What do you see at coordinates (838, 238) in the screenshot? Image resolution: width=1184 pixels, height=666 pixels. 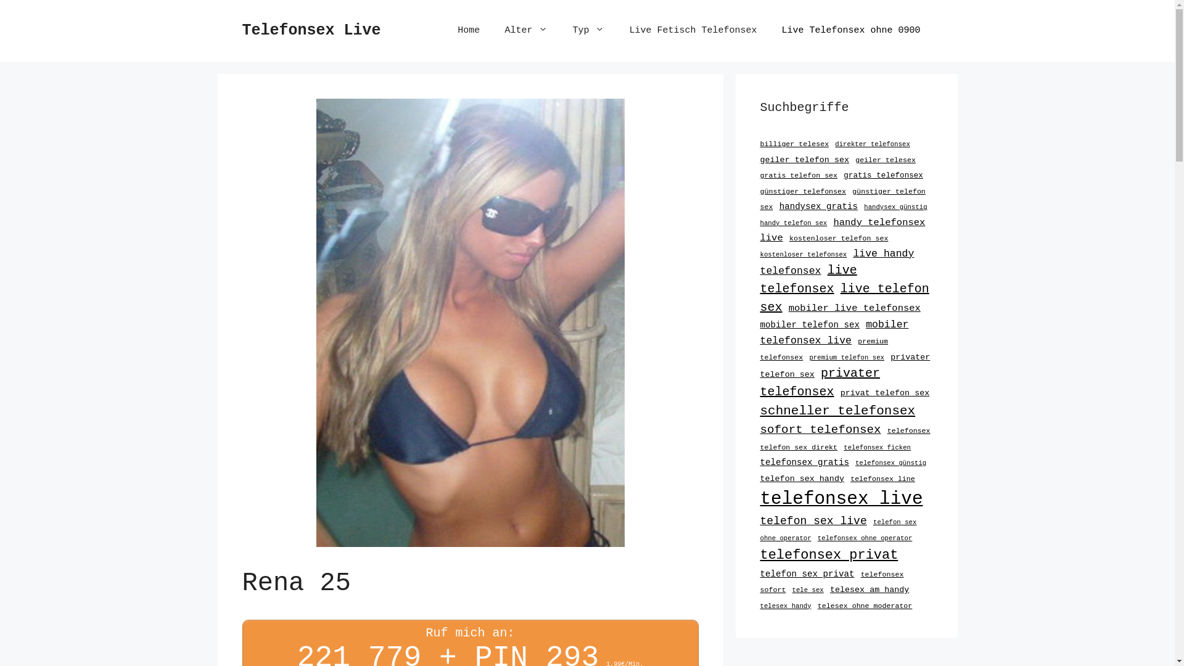 I see `'kostenloser telefon sex'` at bounding box center [838, 238].